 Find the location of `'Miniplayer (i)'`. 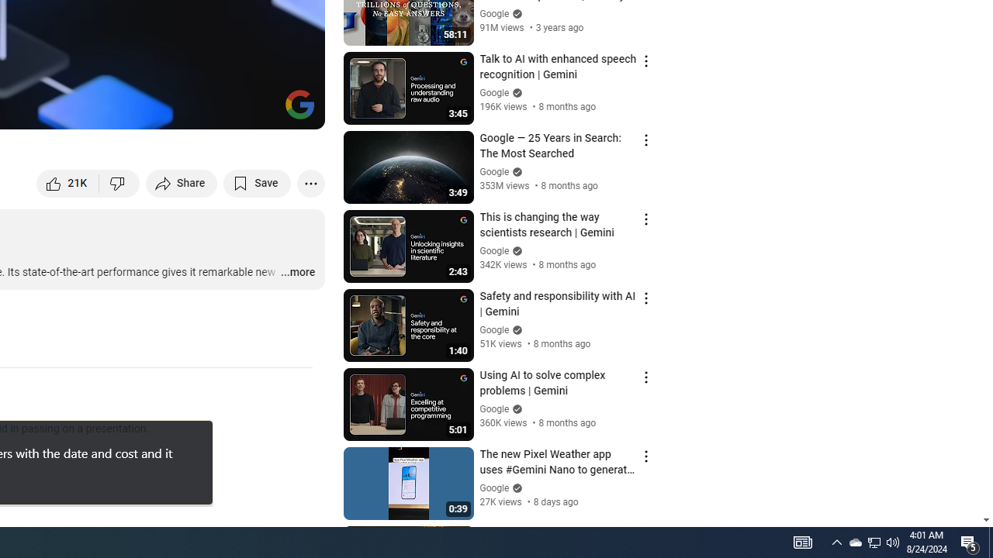

'Miniplayer (i)' is located at coordinates (221, 109).